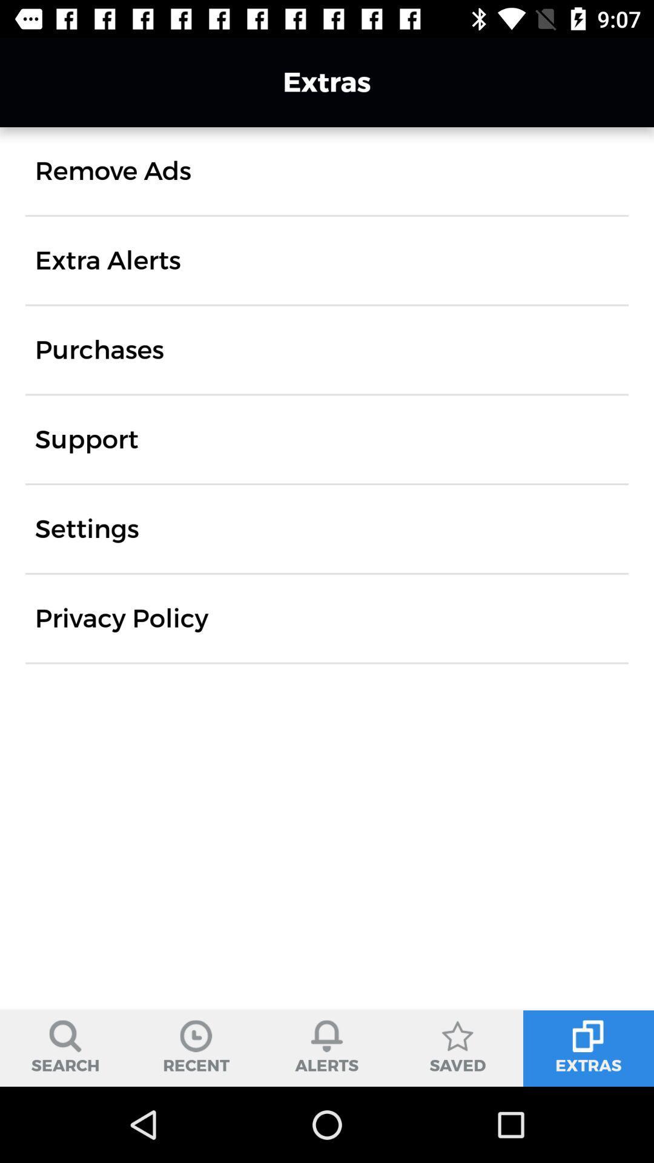  I want to click on privacy policy item, so click(121, 618).